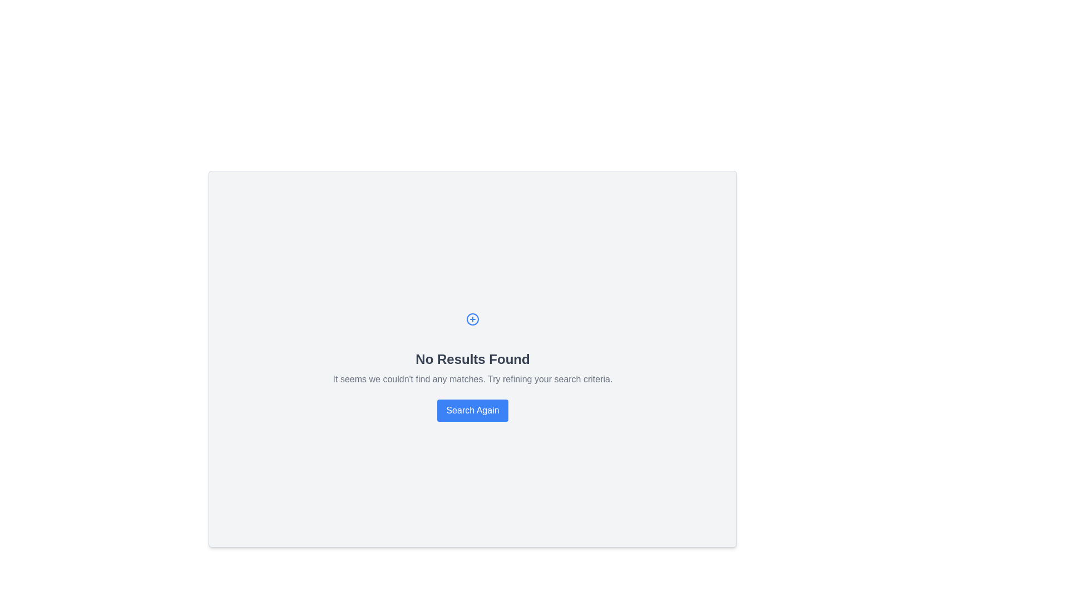 The width and height of the screenshot is (1068, 601). What do you see at coordinates (472, 319) in the screenshot?
I see `the circular icon button with a blue border and a plus sign (+)` at bounding box center [472, 319].